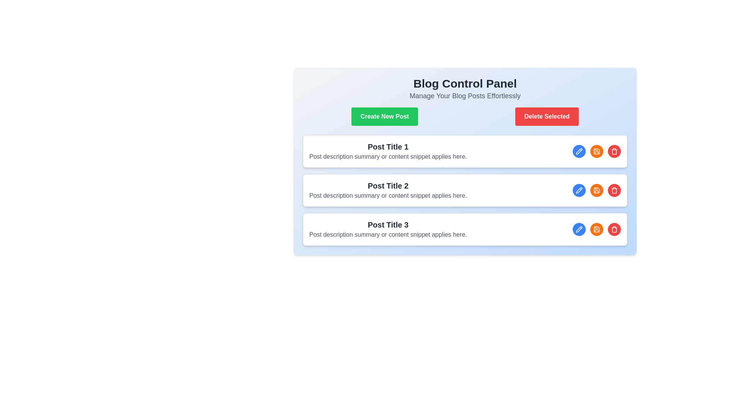 The width and height of the screenshot is (735, 413). I want to click on the save button located between the edit and delete buttons at the end of the 'Post Title 3' blog post card to interact with its hover effect, so click(596, 229).